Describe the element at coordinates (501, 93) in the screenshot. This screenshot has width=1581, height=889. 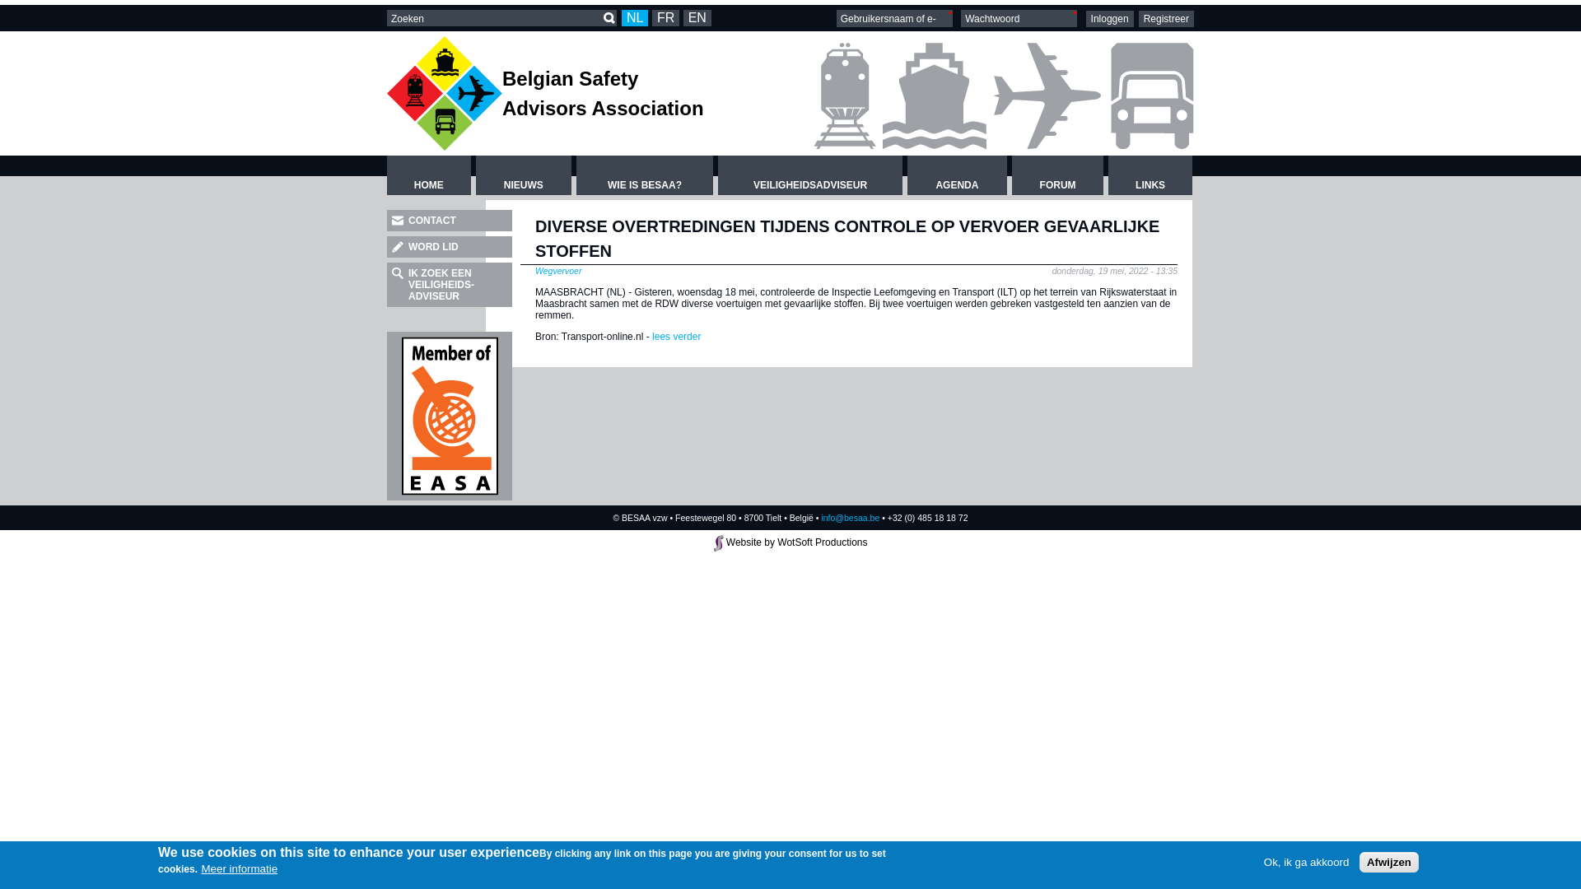
I see `'Belgian Safety` at that location.